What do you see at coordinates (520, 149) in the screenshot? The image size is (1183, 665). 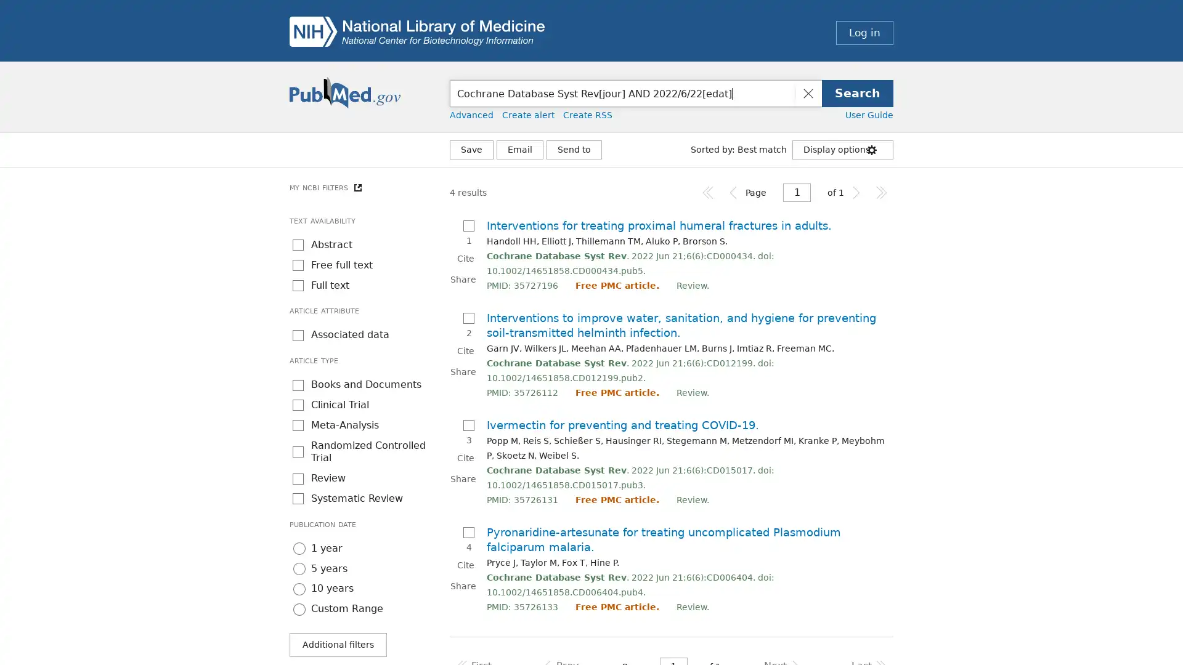 I see `Email` at bounding box center [520, 149].